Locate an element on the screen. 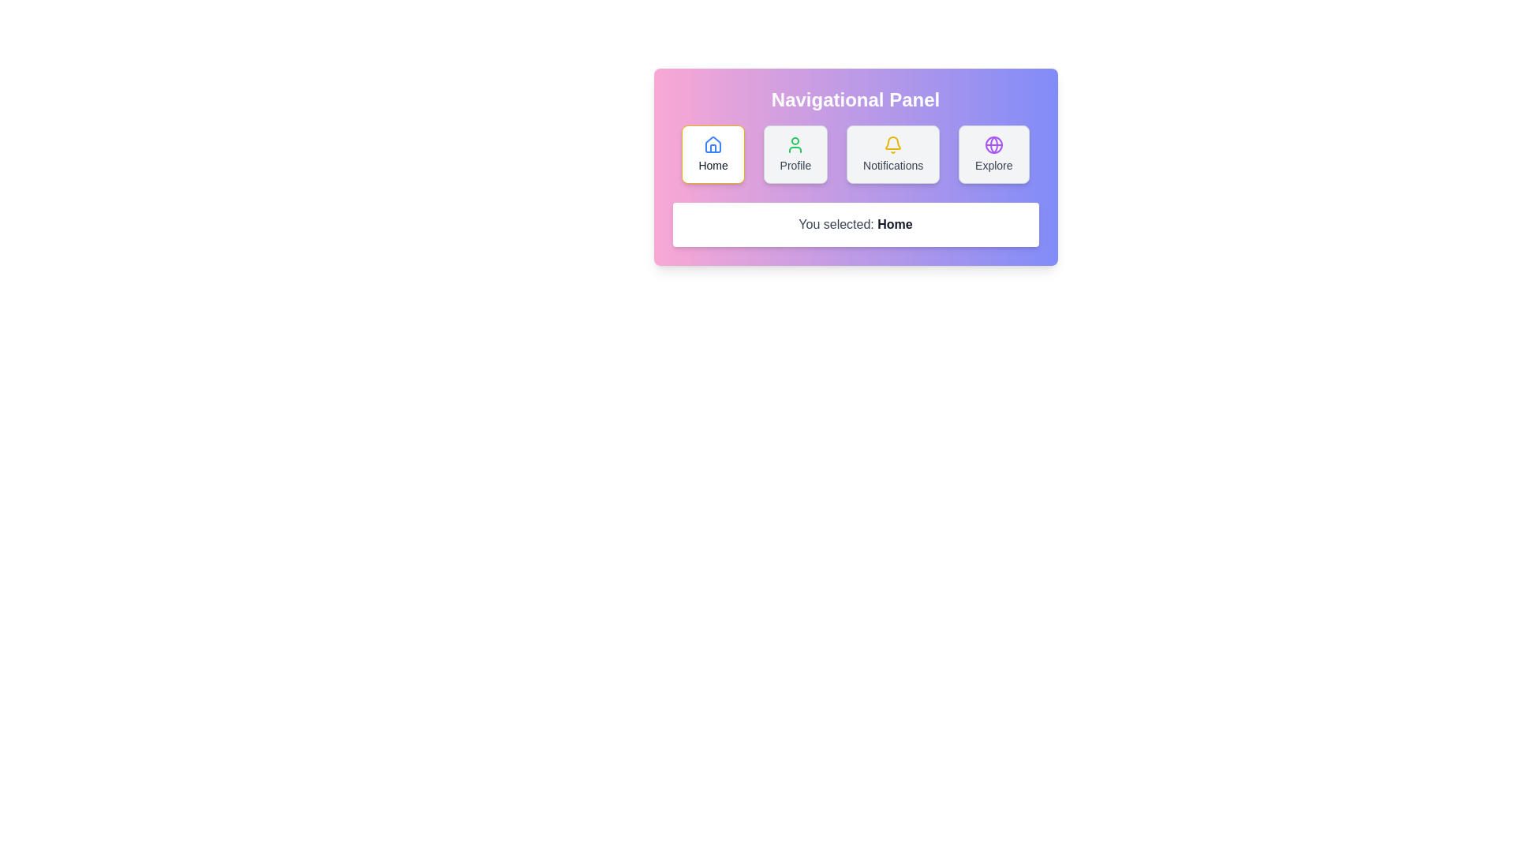  the first button in the horizontal group of four buttons is located at coordinates (712, 155).